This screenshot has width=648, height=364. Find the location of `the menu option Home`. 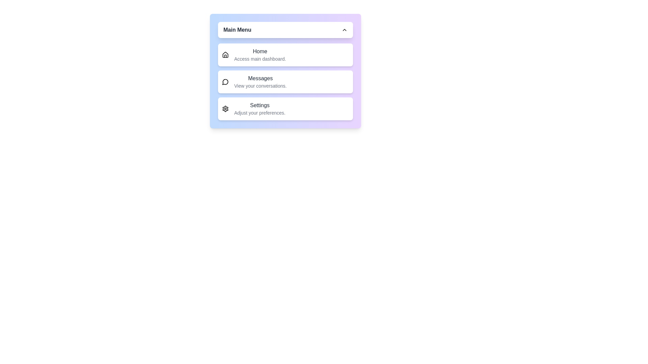

the menu option Home is located at coordinates (285, 54).